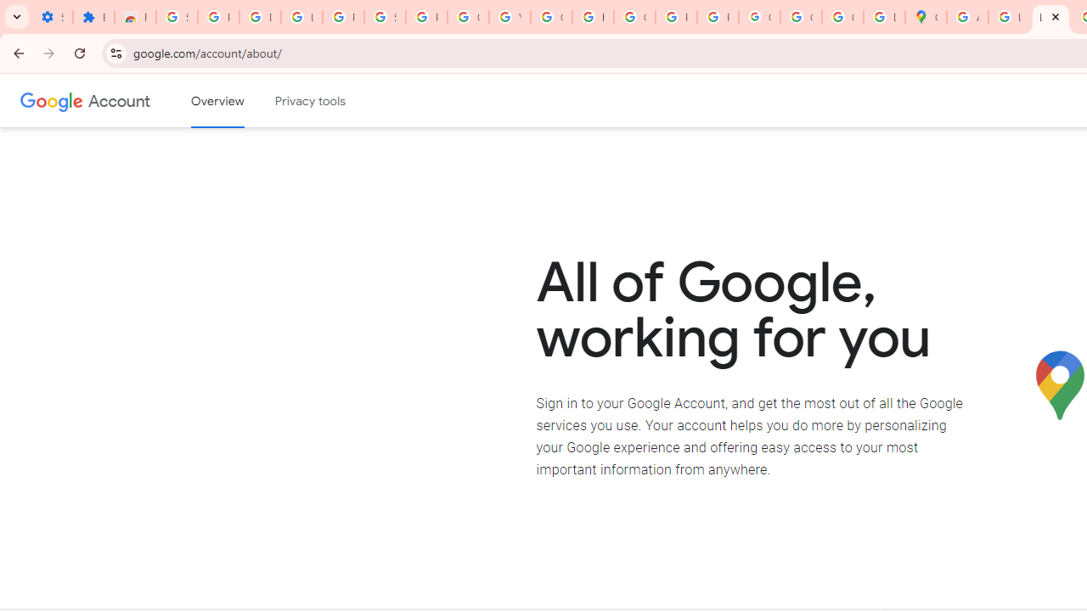 Image resolution: width=1087 pixels, height=611 pixels. I want to click on 'Google logo', so click(52, 100).